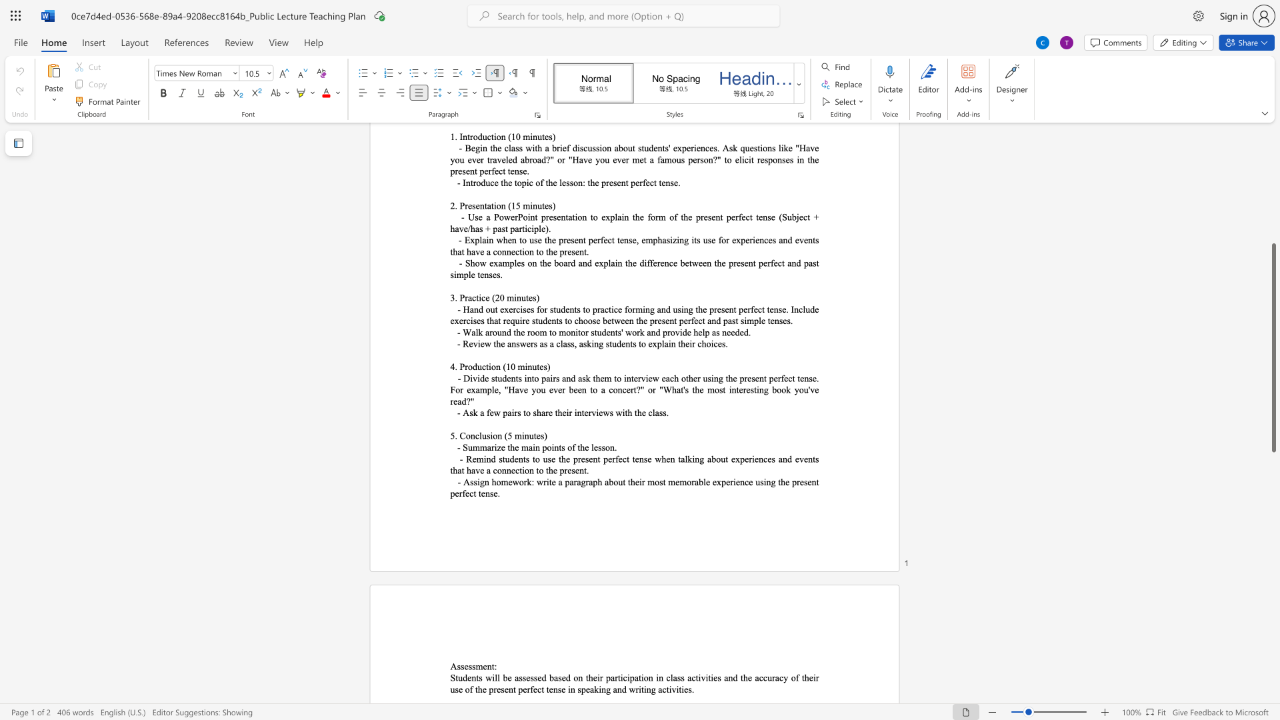 This screenshot has width=1280, height=720. What do you see at coordinates (655, 412) in the screenshot?
I see `the space between the continuous character "l" and "a" in the text` at bounding box center [655, 412].